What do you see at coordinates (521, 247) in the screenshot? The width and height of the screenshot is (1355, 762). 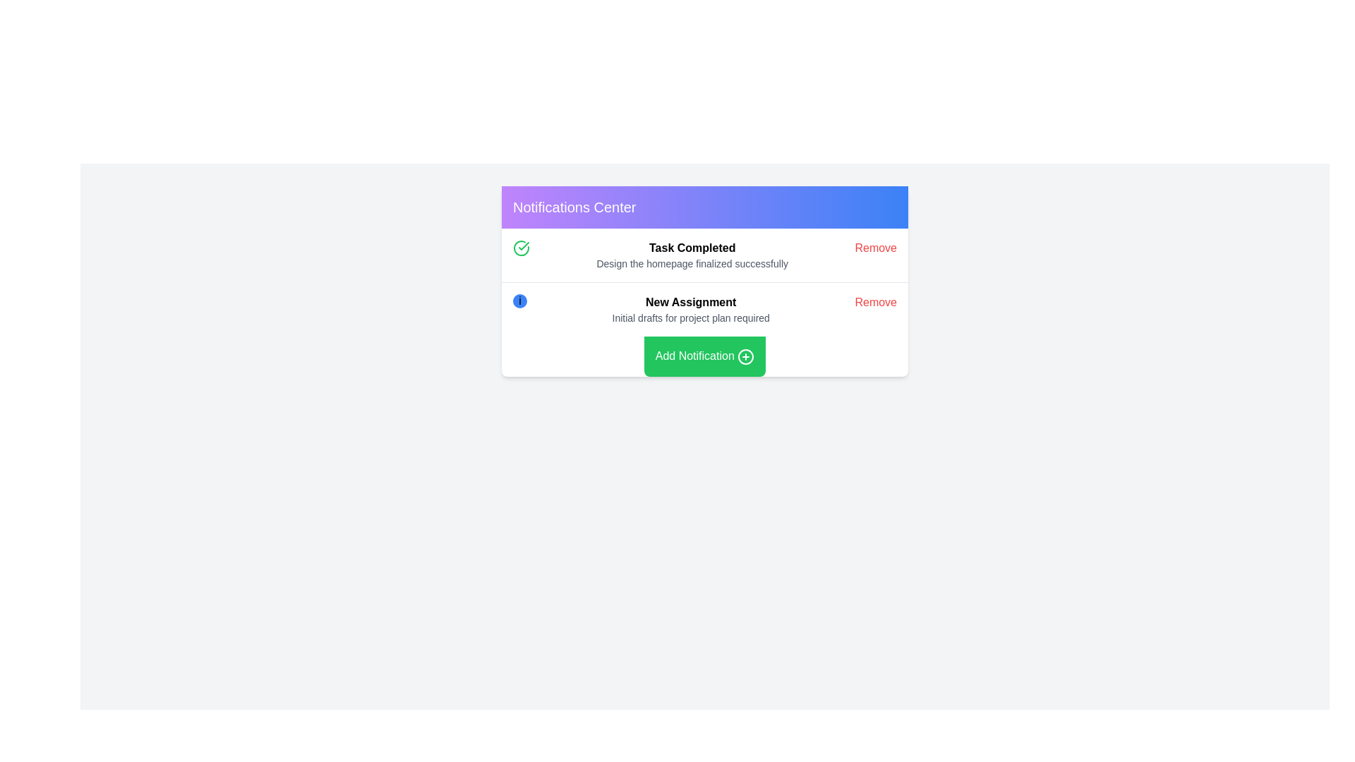 I see `green circular SVG icon with a checkmark that indicates 'Task Completed' in the notification panel` at bounding box center [521, 247].